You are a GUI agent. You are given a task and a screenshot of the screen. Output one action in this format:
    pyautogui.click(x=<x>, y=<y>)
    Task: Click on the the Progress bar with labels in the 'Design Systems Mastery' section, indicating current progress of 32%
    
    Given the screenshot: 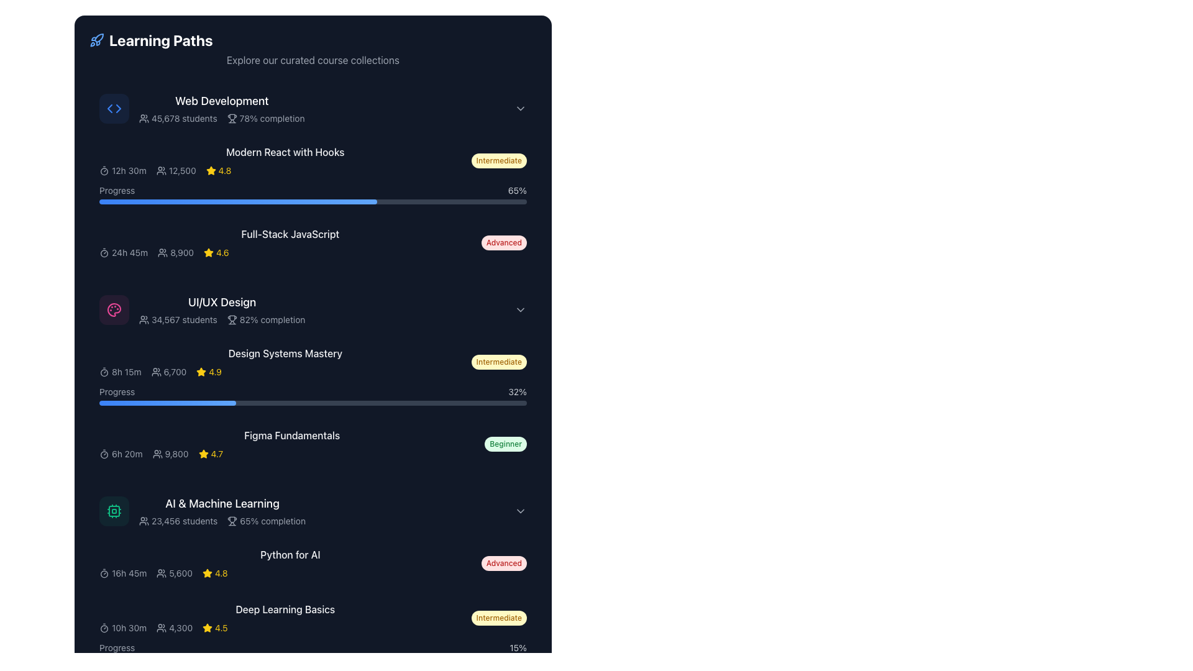 What is the action you would take?
    pyautogui.click(x=313, y=395)
    